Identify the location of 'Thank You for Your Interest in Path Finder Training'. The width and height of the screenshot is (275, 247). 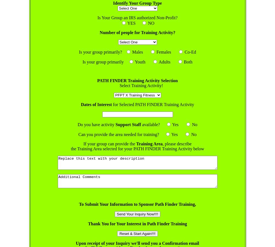
(137, 224).